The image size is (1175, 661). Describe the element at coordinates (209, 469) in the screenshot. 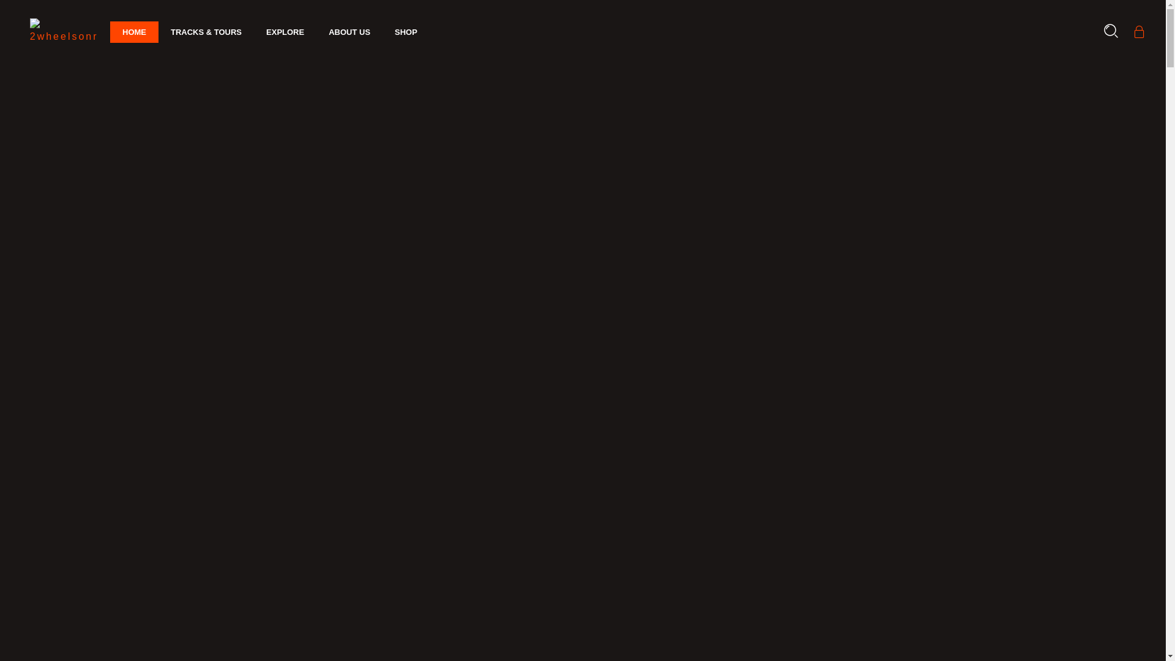

I see `'EXPLORE MORE'` at that location.